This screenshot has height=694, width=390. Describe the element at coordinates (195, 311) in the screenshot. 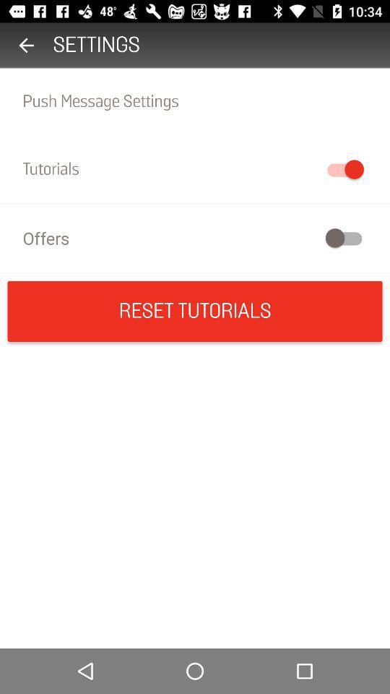

I see `the reset tutorials item` at that location.